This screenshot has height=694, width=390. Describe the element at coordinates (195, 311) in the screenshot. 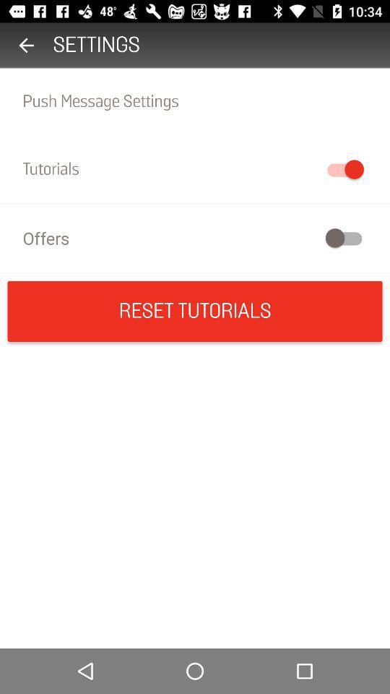

I see `the reset tutorials item` at that location.